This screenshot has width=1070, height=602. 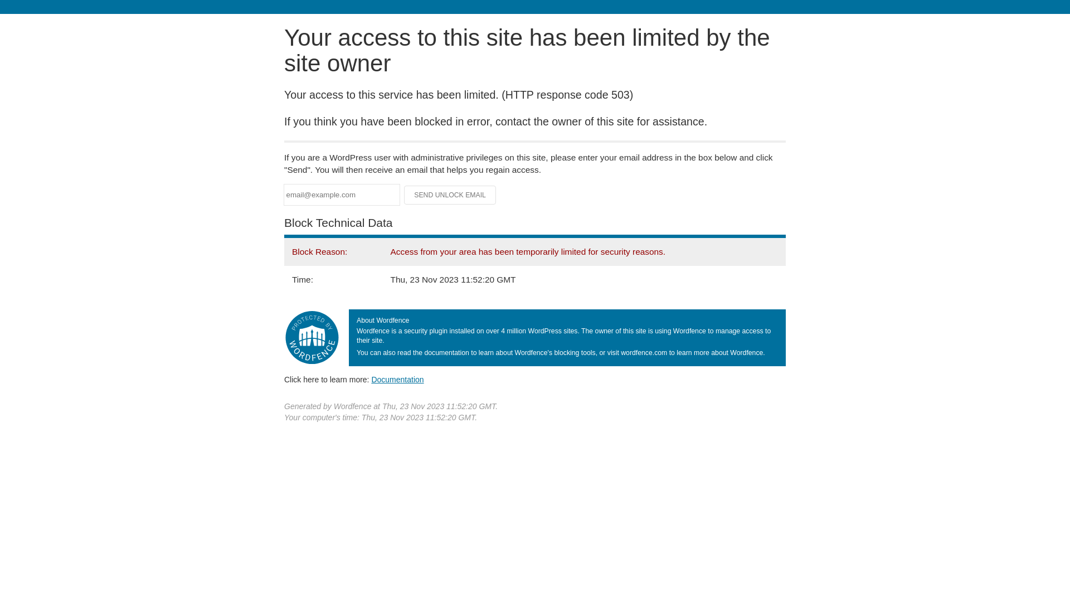 What do you see at coordinates (371, 379) in the screenshot?
I see `'Documentation'` at bounding box center [371, 379].